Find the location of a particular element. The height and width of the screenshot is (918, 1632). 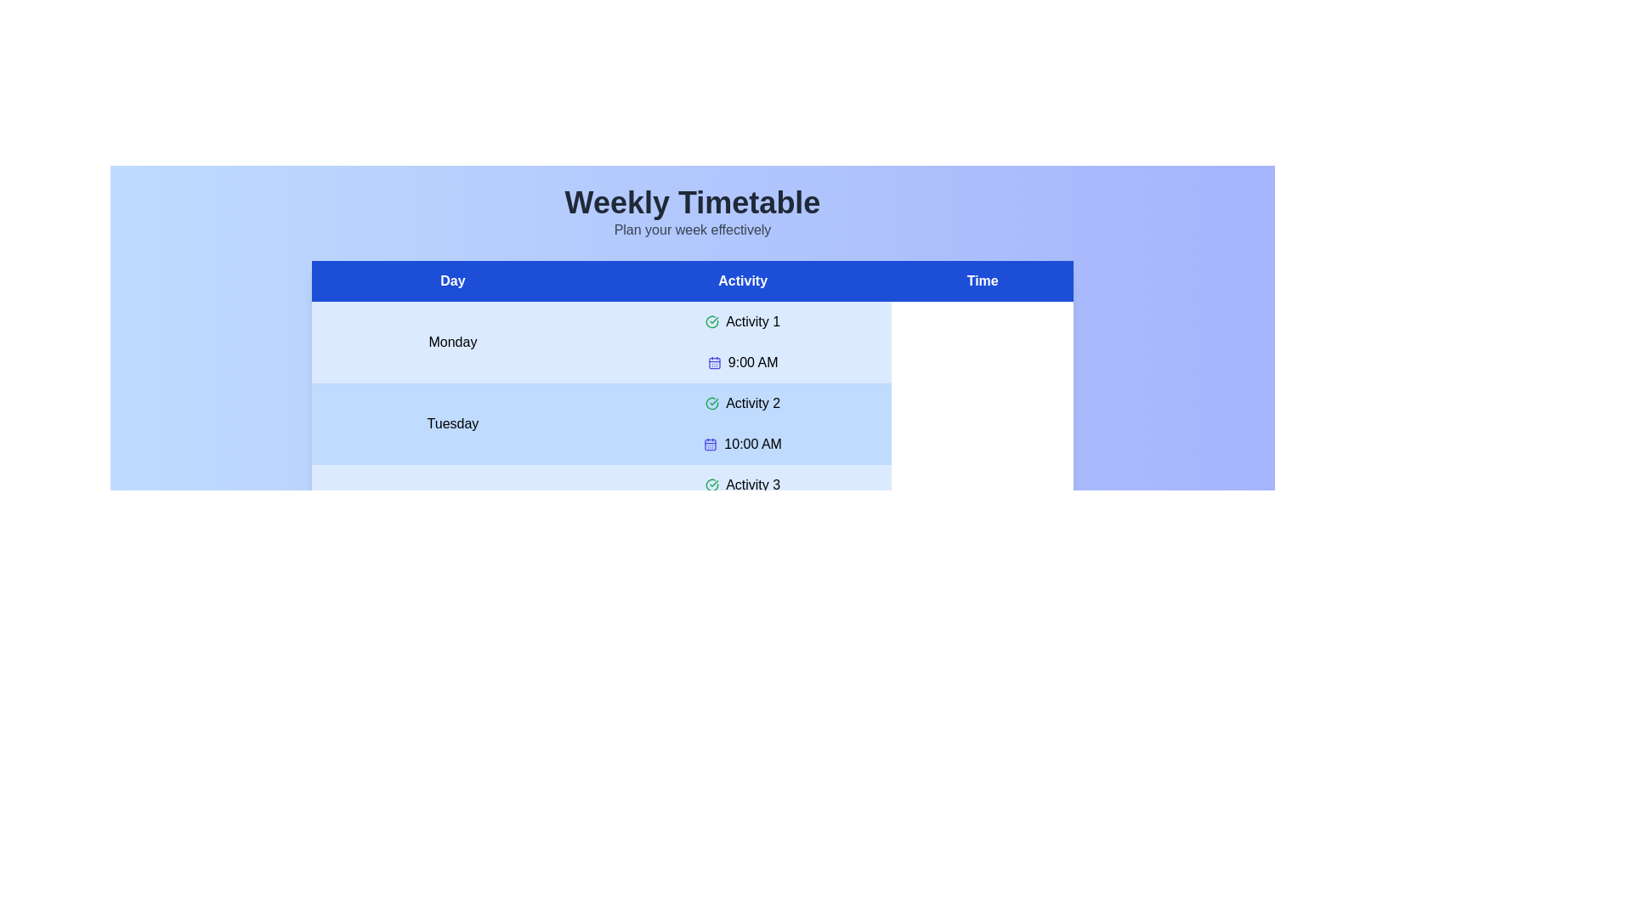

the row for Tuesday to highlight it is located at coordinates (693, 422).